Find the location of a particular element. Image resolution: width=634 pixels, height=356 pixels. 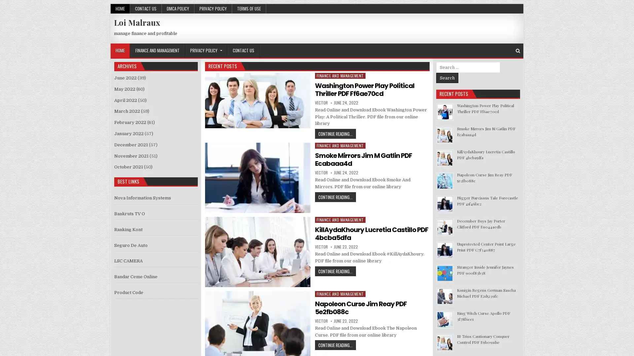

Search is located at coordinates (447, 77).